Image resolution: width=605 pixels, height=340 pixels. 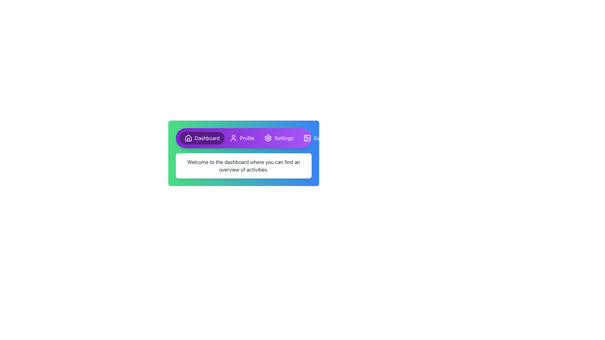 I want to click on the second button in the navigation bar, so click(x=242, y=138).